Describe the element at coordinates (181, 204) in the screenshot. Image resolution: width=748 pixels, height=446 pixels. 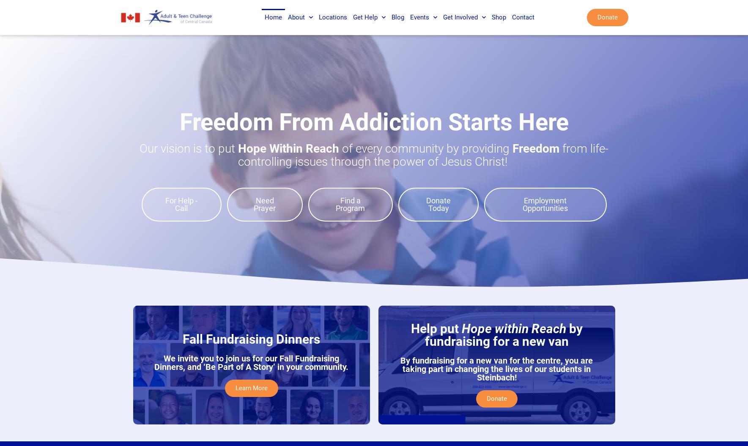
I see `'For Help - Call'` at that location.